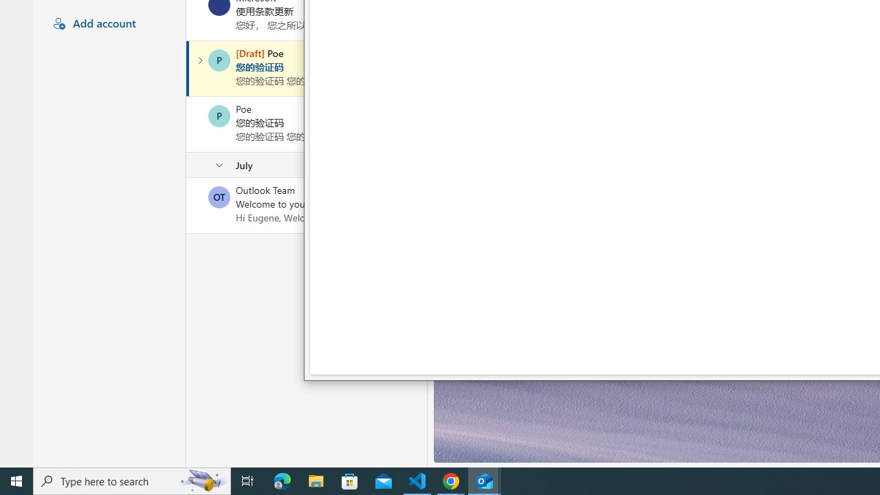 Image resolution: width=880 pixels, height=495 pixels. What do you see at coordinates (282, 480) in the screenshot?
I see `'Microsoft Edge'` at bounding box center [282, 480].